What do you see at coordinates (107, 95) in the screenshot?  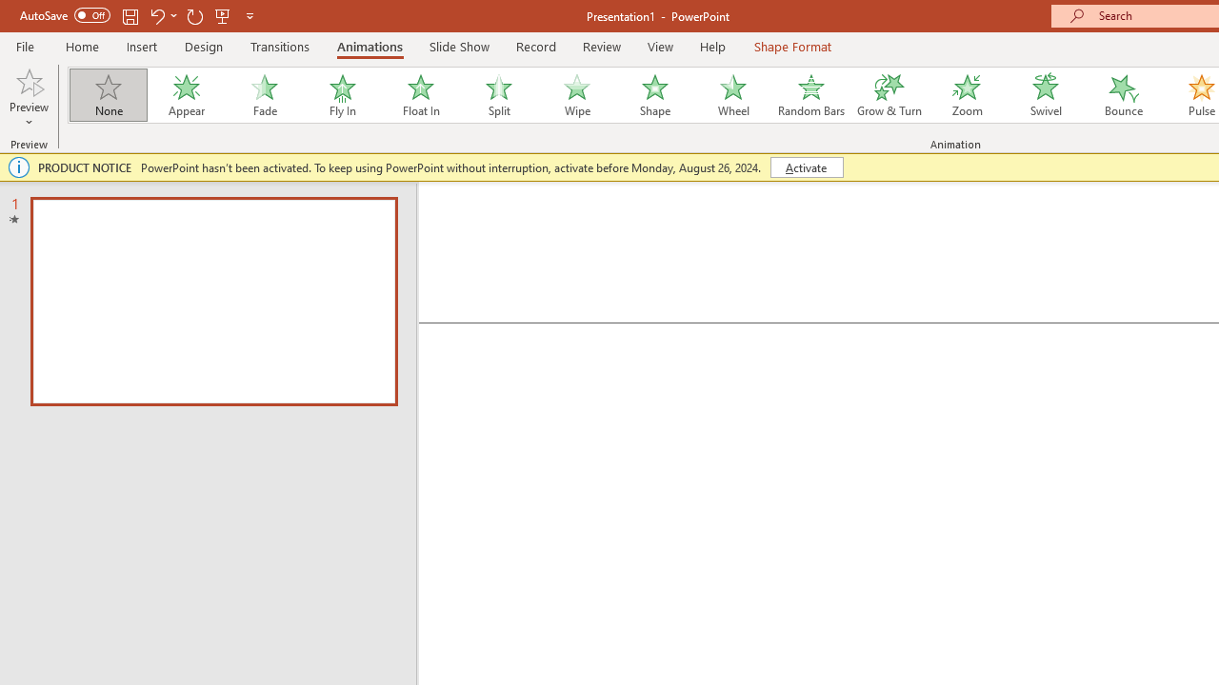 I see `'None'` at bounding box center [107, 95].